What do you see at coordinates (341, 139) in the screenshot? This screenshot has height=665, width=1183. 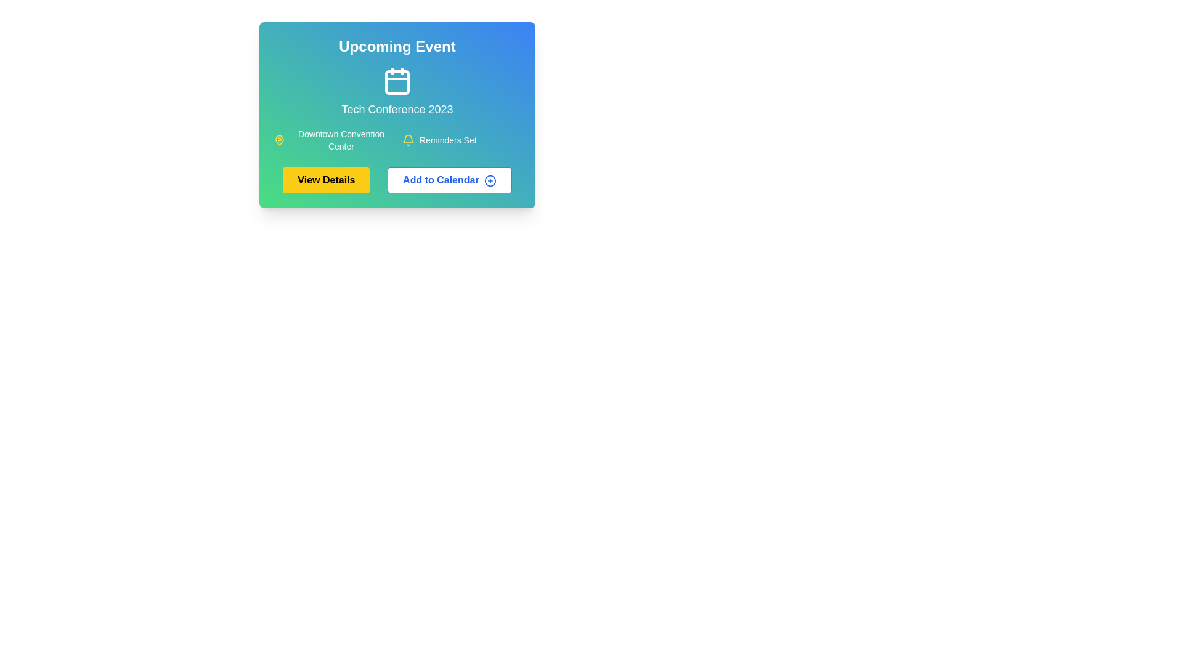 I see `the text label indicating the venue name for the event, located centrally in the event details section, to the left of the notification icon and below the title 'Tech Conference 2023'` at bounding box center [341, 139].